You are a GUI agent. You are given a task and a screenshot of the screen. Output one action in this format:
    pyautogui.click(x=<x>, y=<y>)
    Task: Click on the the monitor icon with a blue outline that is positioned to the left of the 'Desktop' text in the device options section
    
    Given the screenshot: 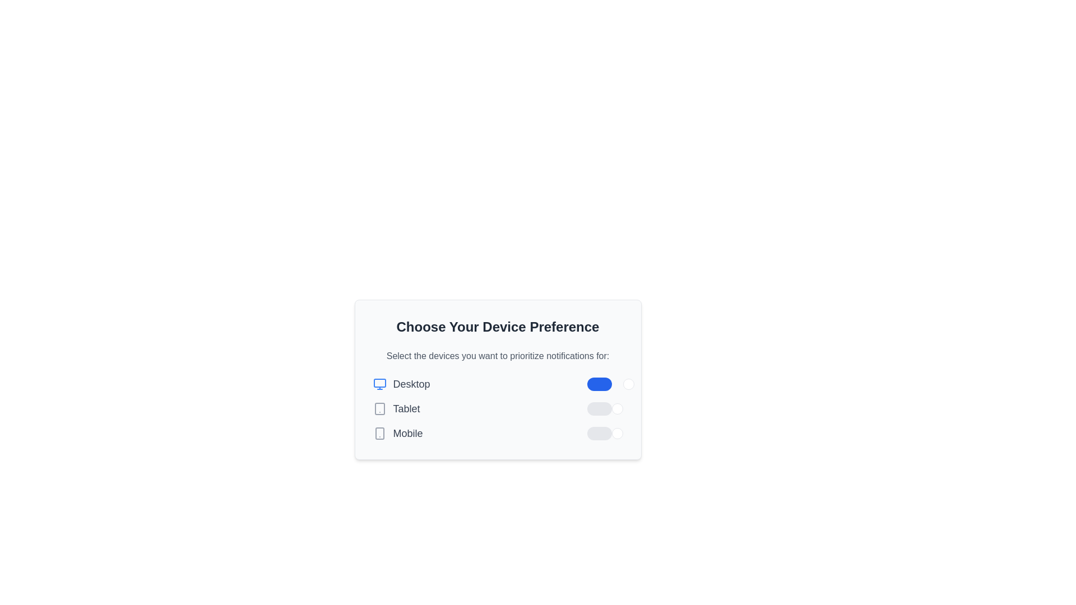 What is the action you would take?
    pyautogui.click(x=379, y=384)
    